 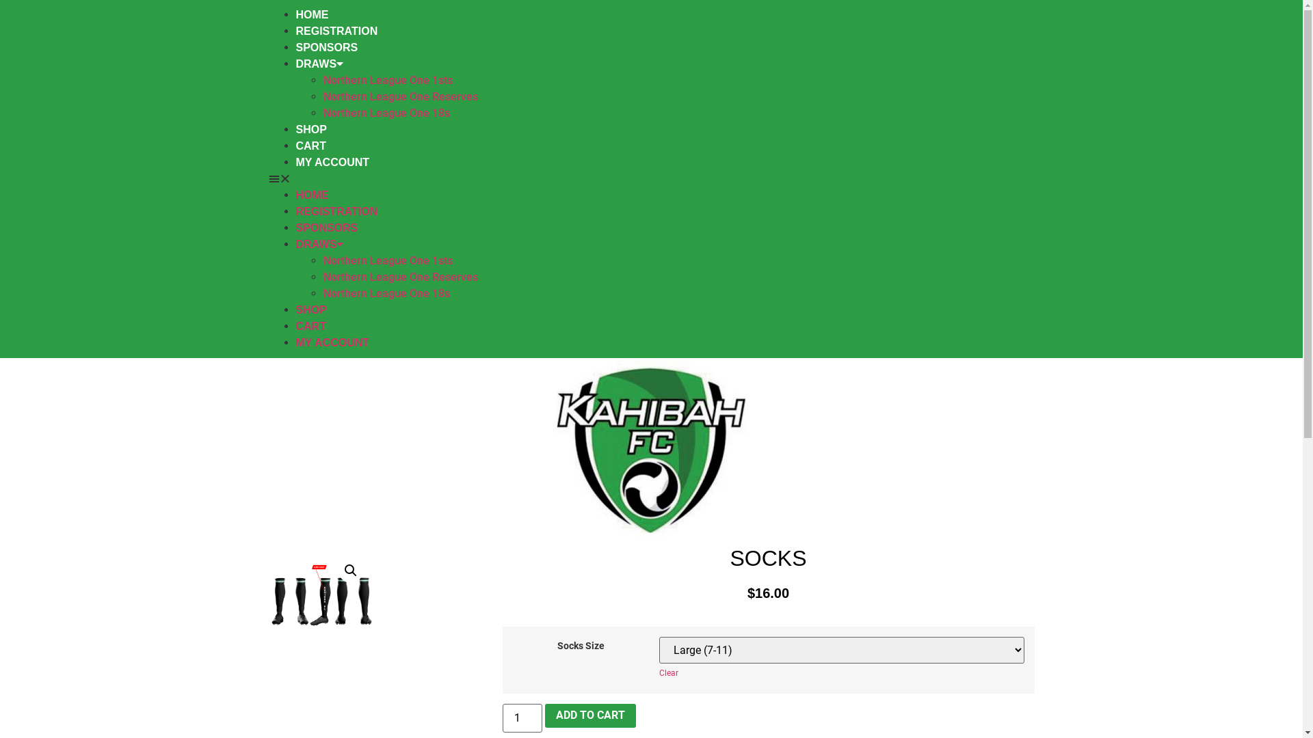 What do you see at coordinates (385, 292) in the screenshot?
I see `'Northern League One 18s'` at bounding box center [385, 292].